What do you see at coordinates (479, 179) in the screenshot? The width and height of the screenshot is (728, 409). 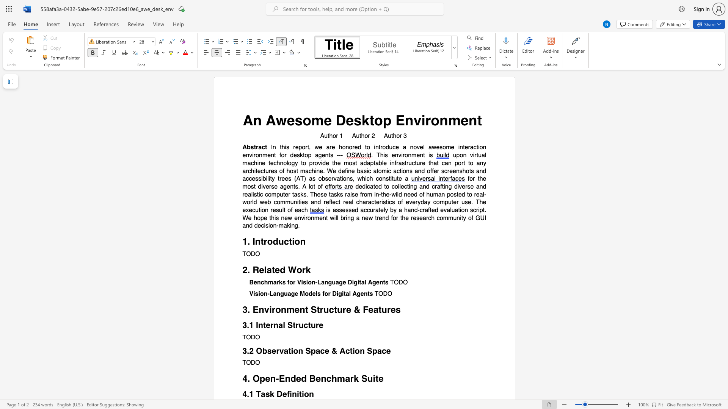 I see `the subset text "he most diverse agent" within the text "for the most diverse agents. A lot of"` at bounding box center [479, 179].